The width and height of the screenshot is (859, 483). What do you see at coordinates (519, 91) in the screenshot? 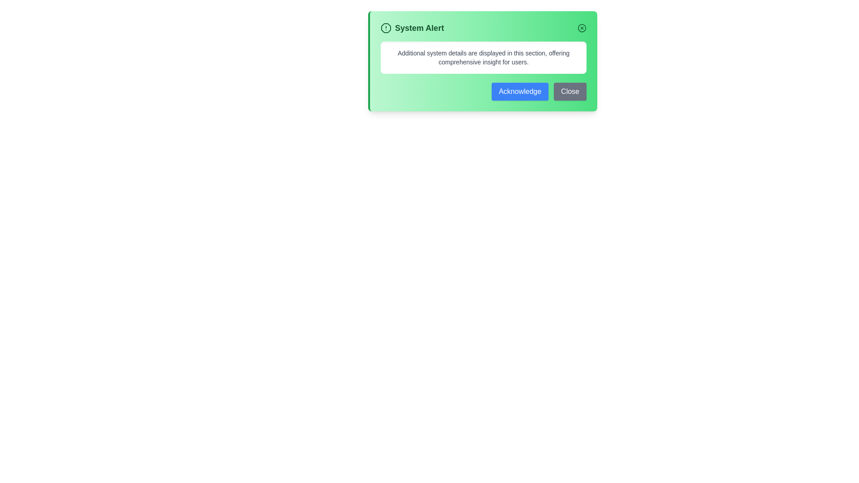
I see `'Acknowledge' button to confirm the alert` at bounding box center [519, 91].